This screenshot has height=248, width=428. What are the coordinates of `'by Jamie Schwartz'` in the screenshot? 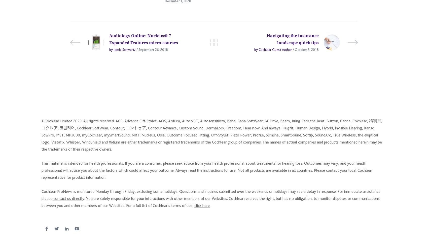 It's located at (109, 52).